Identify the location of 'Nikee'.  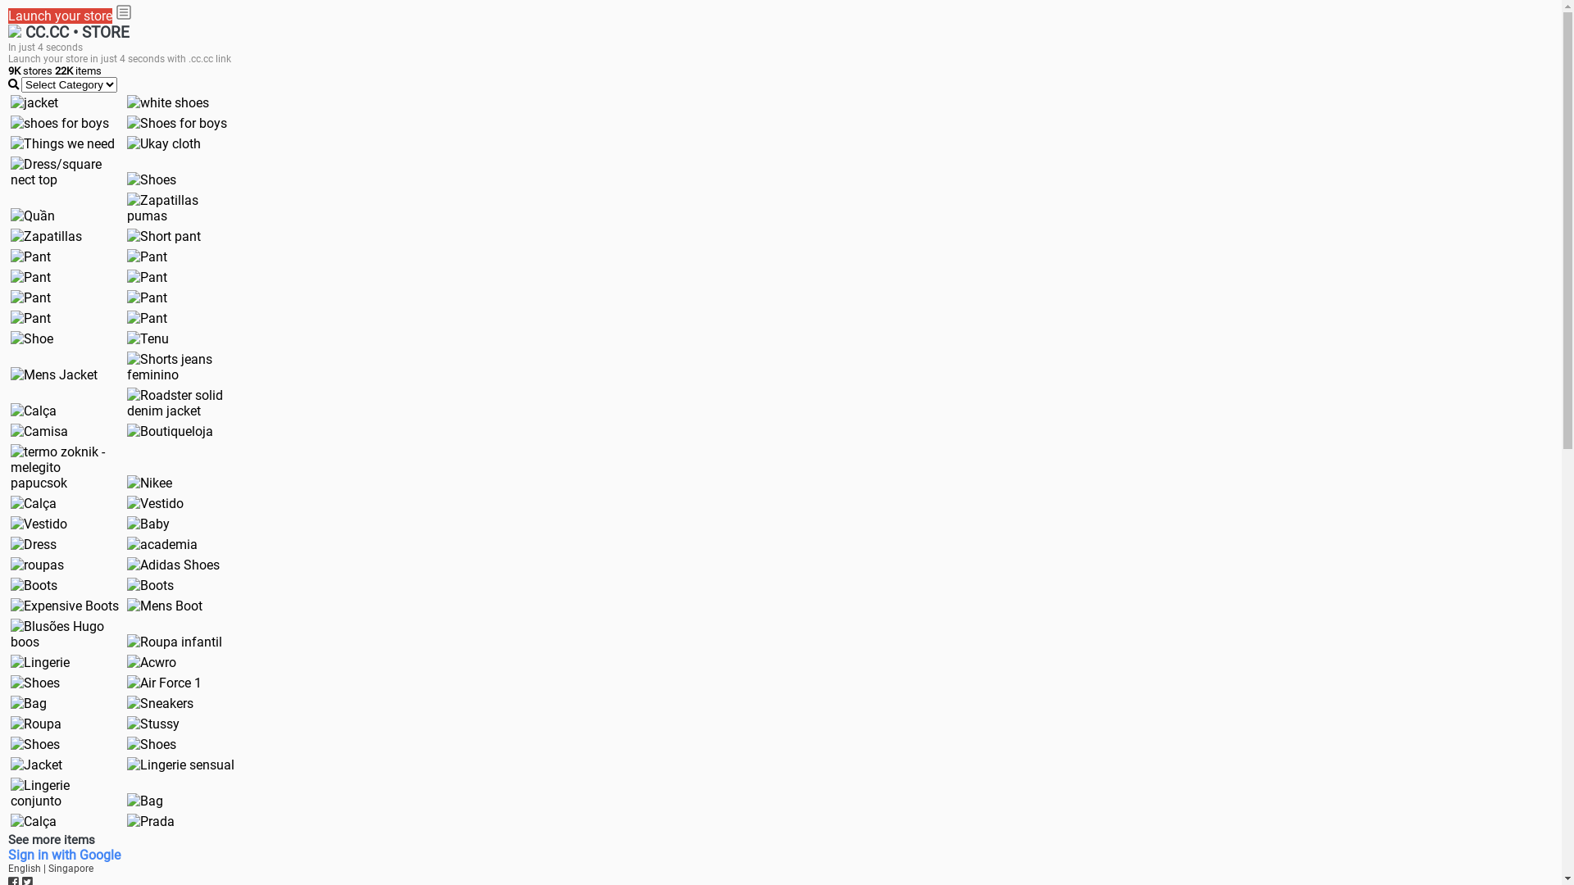
(149, 482).